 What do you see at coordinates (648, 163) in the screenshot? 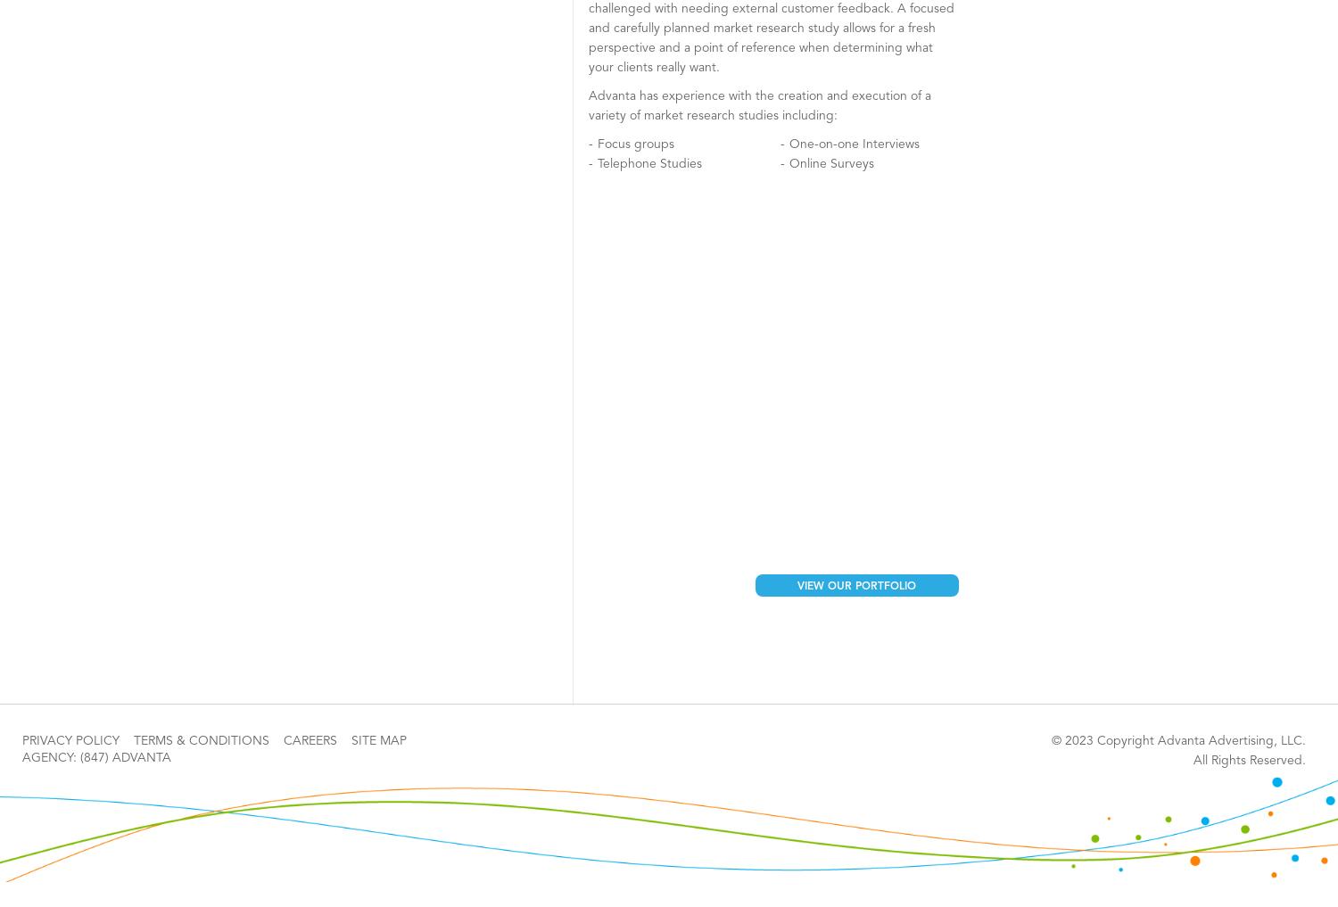
I see `'Telephone Studies'` at bounding box center [648, 163].